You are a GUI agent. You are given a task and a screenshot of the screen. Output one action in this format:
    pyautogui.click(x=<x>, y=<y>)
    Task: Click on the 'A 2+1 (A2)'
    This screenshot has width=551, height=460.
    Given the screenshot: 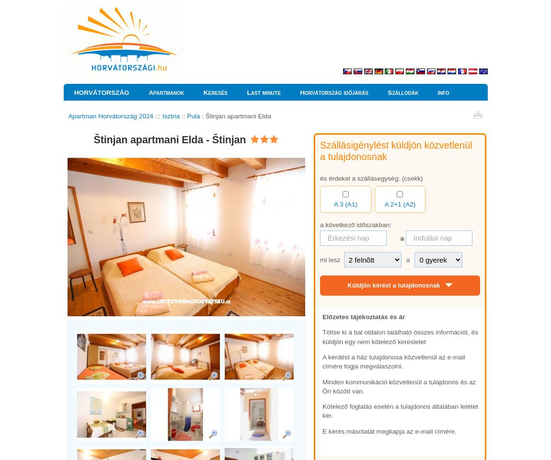 What is the action you would take?
    pyautogui.click(x=384, y=204)
    